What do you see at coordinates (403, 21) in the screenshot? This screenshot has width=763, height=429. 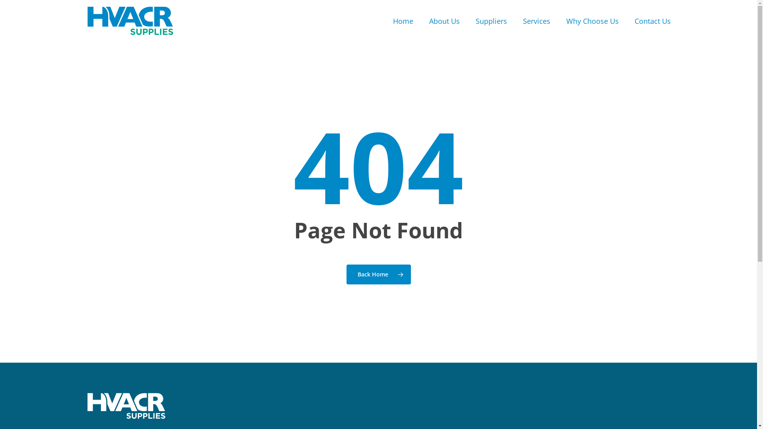 I see `'Home'` at bounding box center [403, 21].